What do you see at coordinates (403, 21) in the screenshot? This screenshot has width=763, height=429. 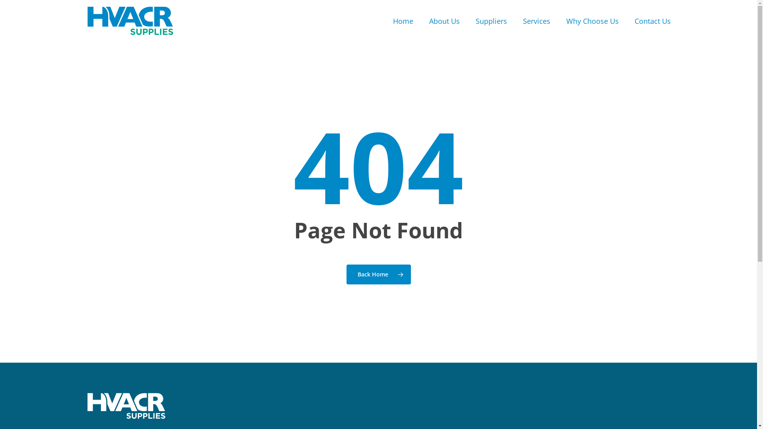 I see `'Home'` at bounding box center [403, 21].